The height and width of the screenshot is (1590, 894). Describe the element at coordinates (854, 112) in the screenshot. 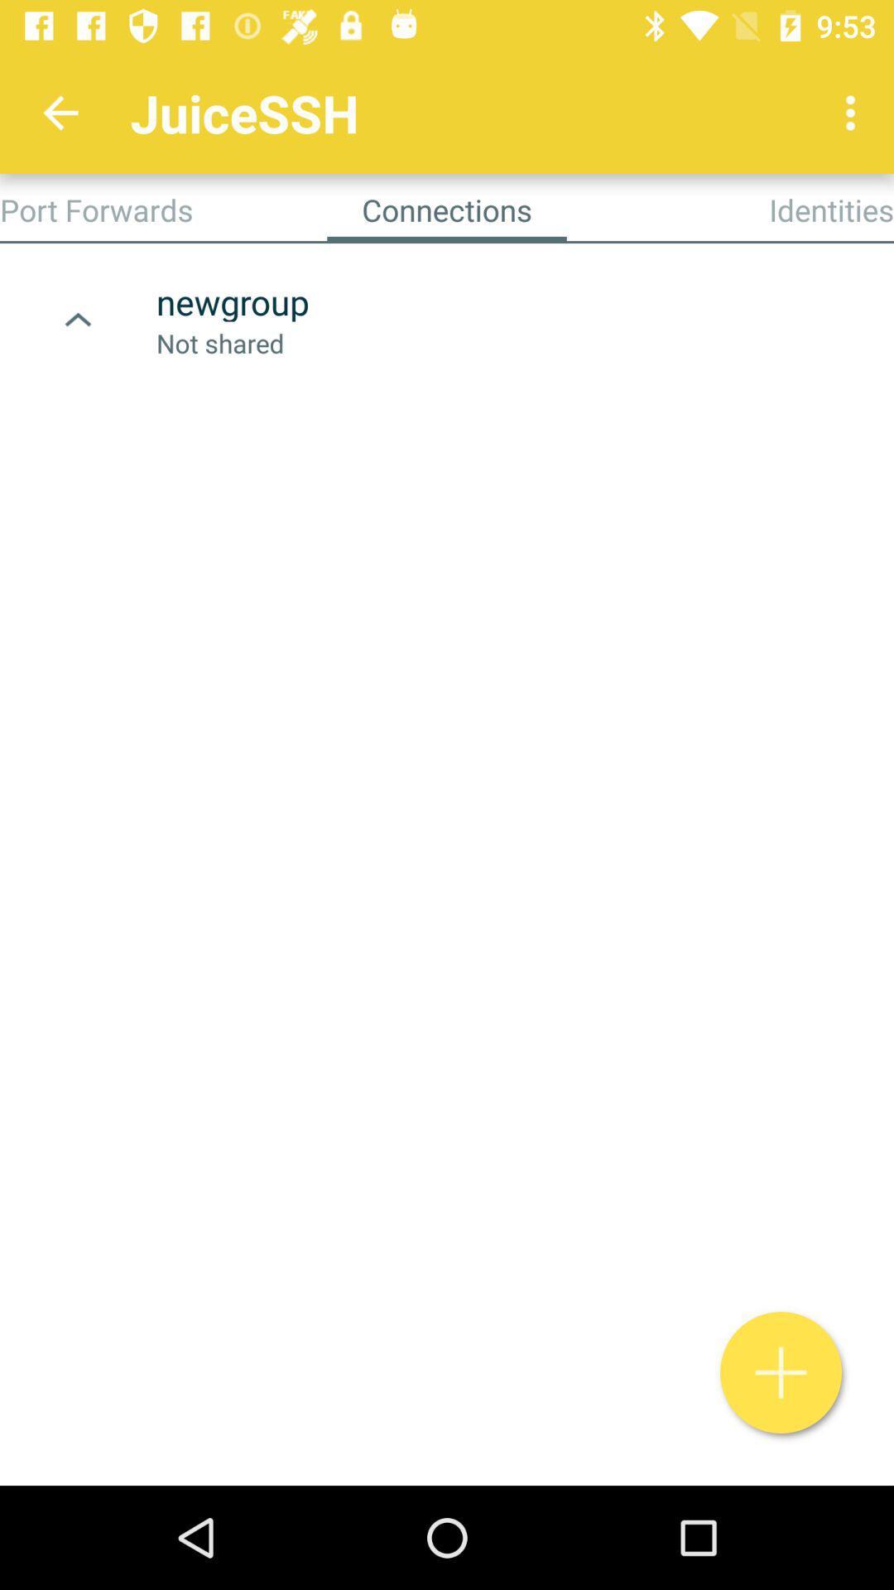

I see `the app above identities` at that location.